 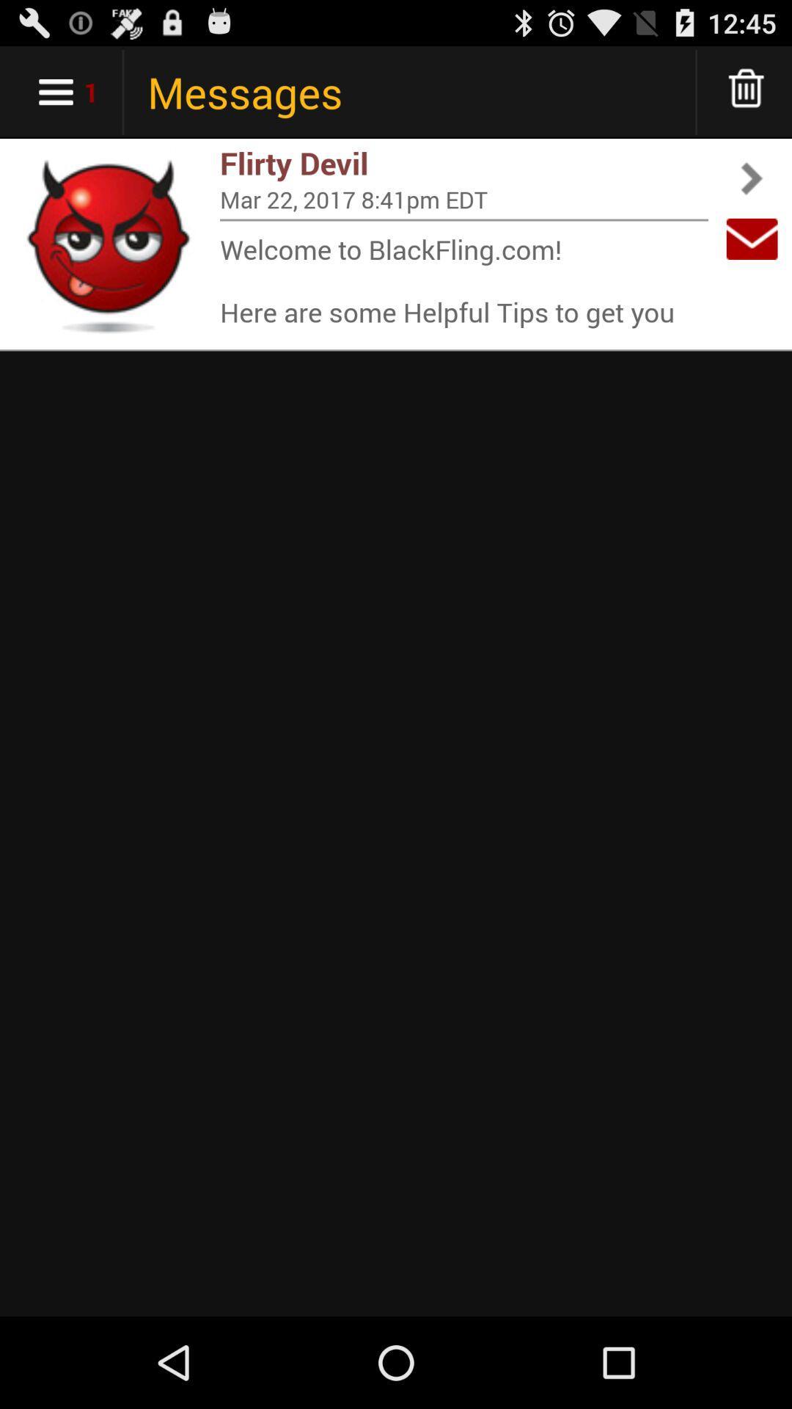 I want to click on item to the right of mar 22 2017 item, so click(x=752, y=239).